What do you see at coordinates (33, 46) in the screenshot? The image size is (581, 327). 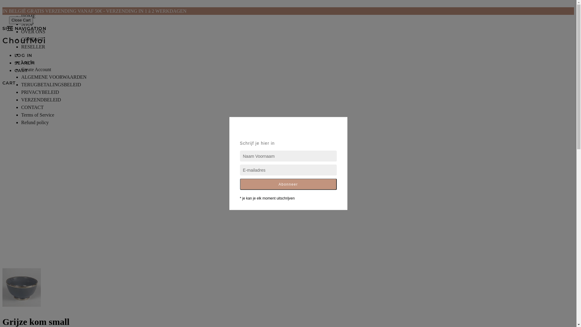 I see `'RESELLER'` at bounding box center [33, 46].